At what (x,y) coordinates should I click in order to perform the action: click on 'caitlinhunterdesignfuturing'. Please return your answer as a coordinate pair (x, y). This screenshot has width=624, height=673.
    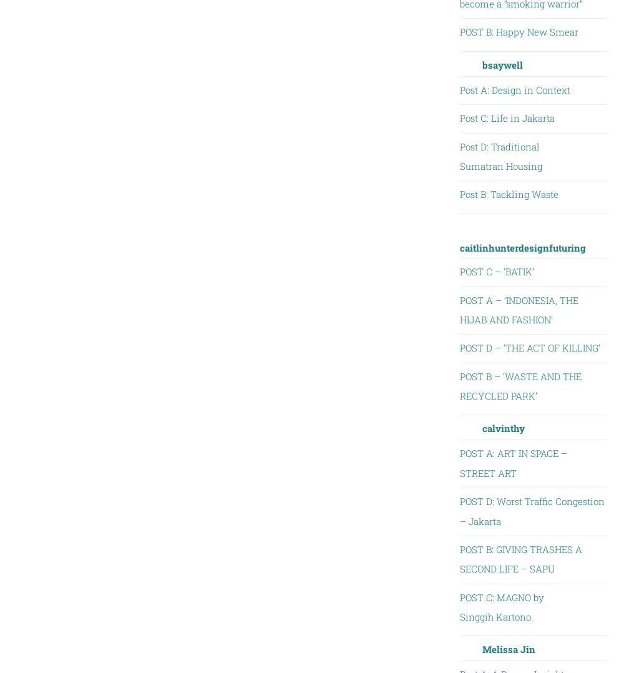
    Looking at the image, I should click on (459, 246).